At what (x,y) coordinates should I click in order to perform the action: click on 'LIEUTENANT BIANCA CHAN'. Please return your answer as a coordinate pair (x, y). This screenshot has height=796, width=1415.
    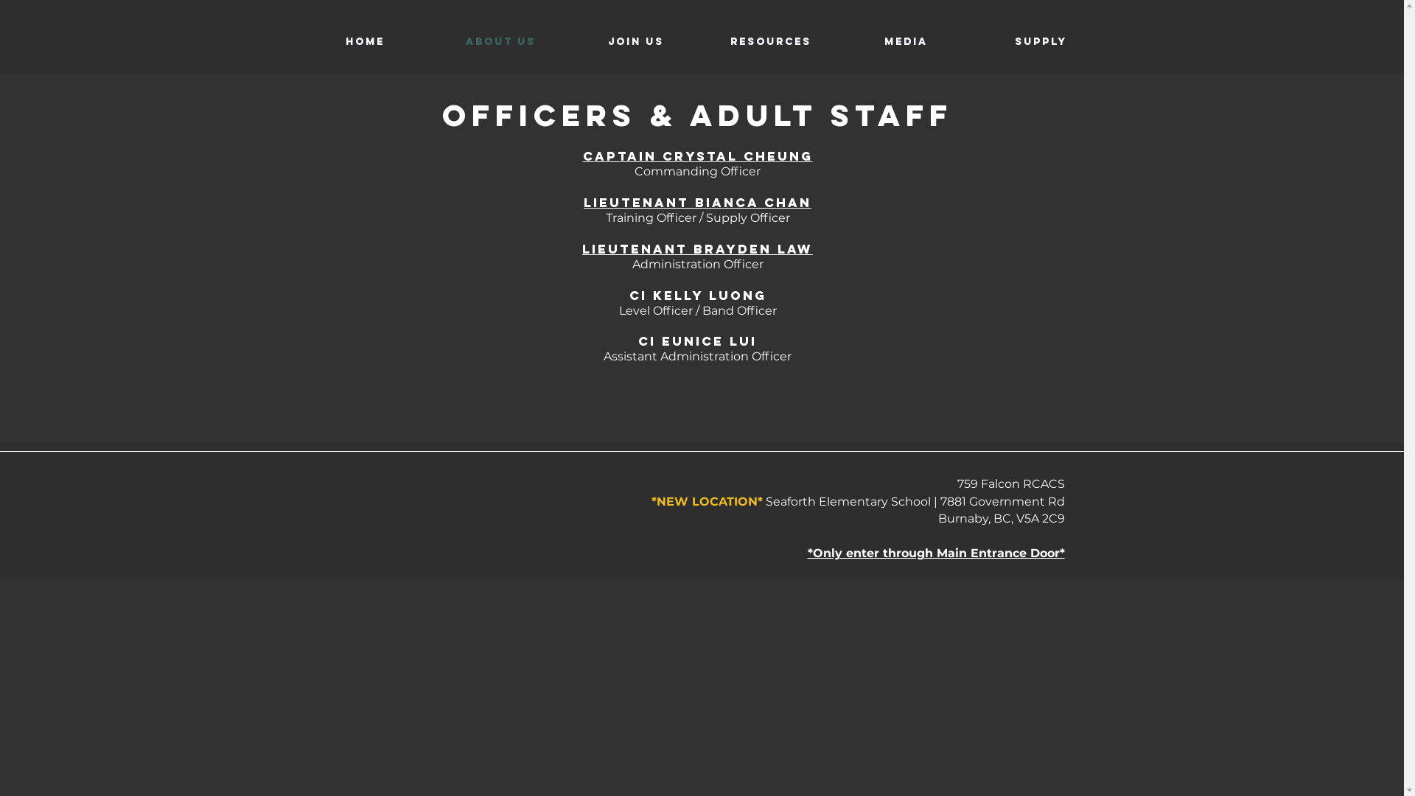
    Looking at the image, I should click on (696, 202).